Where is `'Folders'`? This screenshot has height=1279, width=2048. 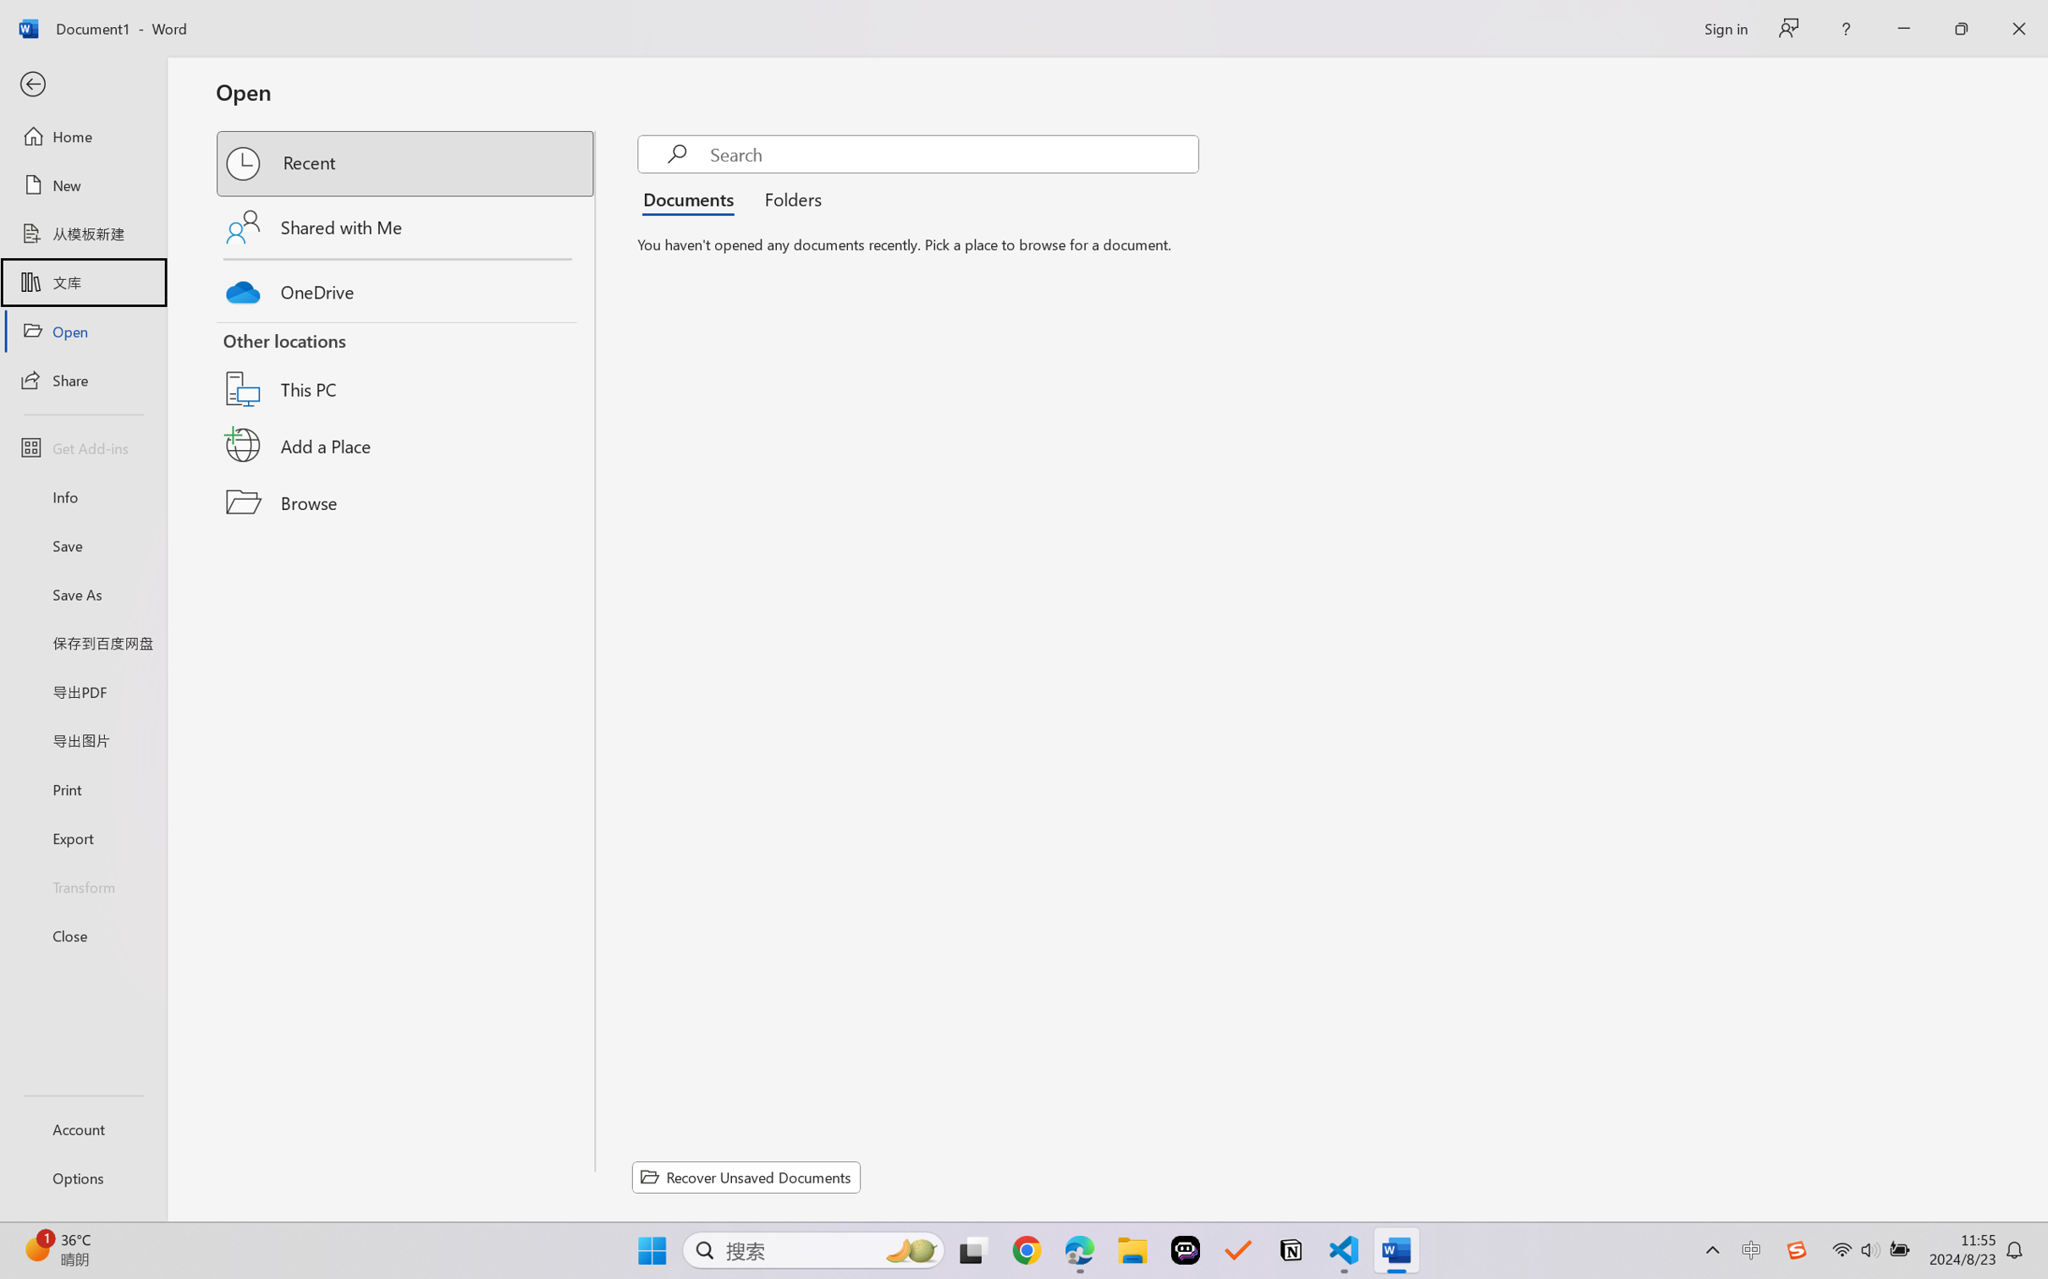
'Folders' is located at coordinates (788, 197).